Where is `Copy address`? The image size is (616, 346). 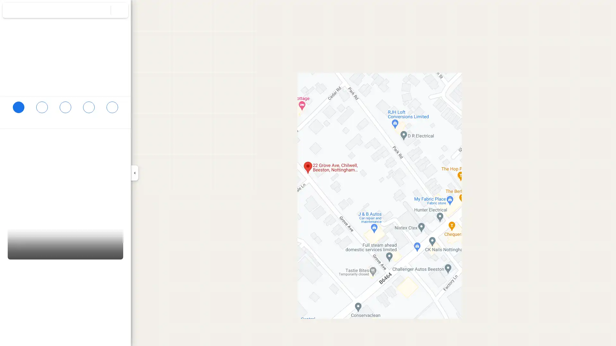
Copy address is located at coordinates (119, 143).